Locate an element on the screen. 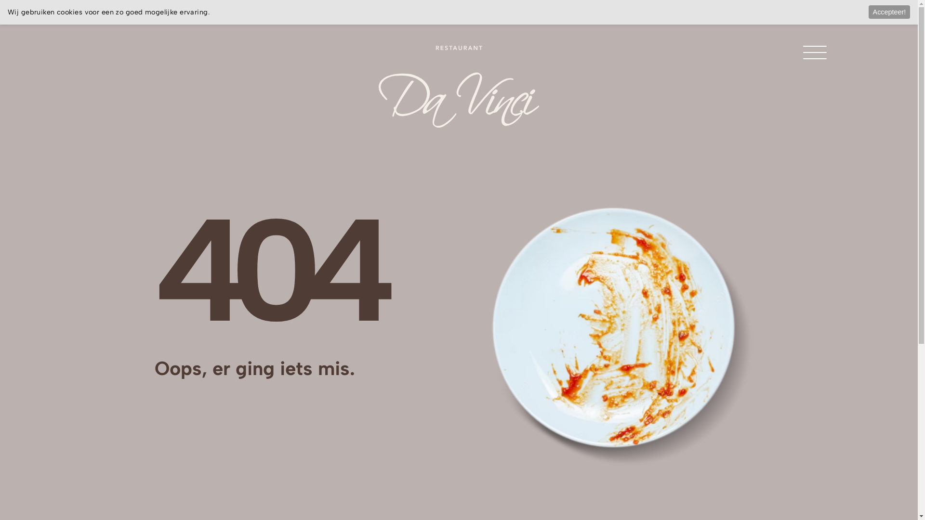  'Accepteer!' is located at coordinates (889, 12).